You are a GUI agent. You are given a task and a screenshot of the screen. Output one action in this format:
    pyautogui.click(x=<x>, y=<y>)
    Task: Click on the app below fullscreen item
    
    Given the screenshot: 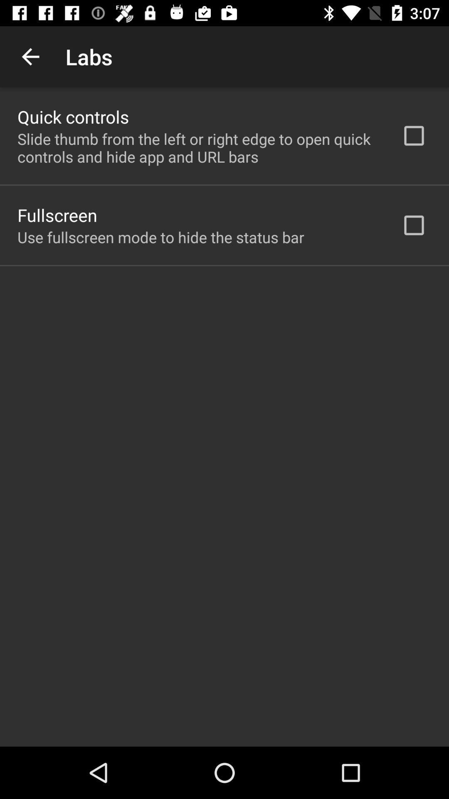 What is the action you would take?
    pyautogui.click(x=160, y=237)
    